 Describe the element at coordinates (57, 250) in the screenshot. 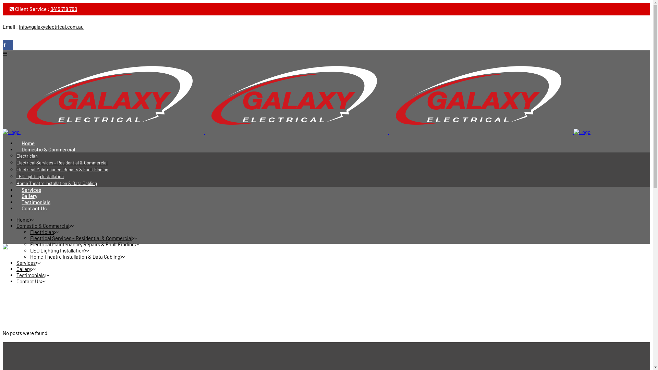

I see `'LED Lighting Installation'` at that location.